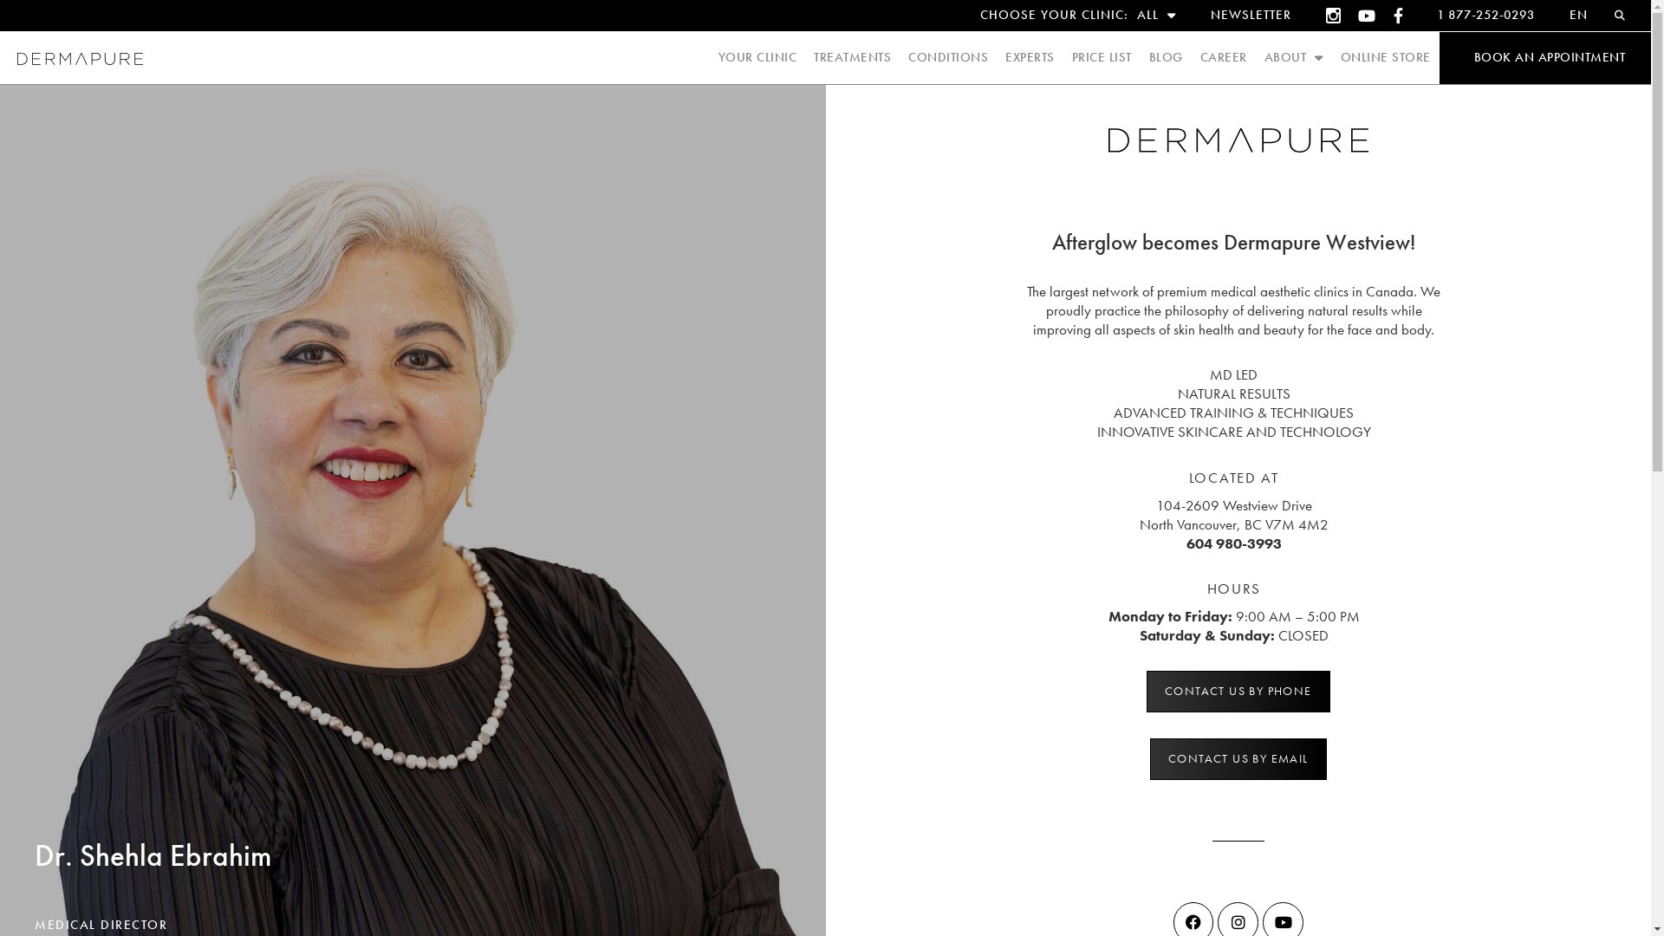  I want to click on 'BLOG', so click(1166, 56).